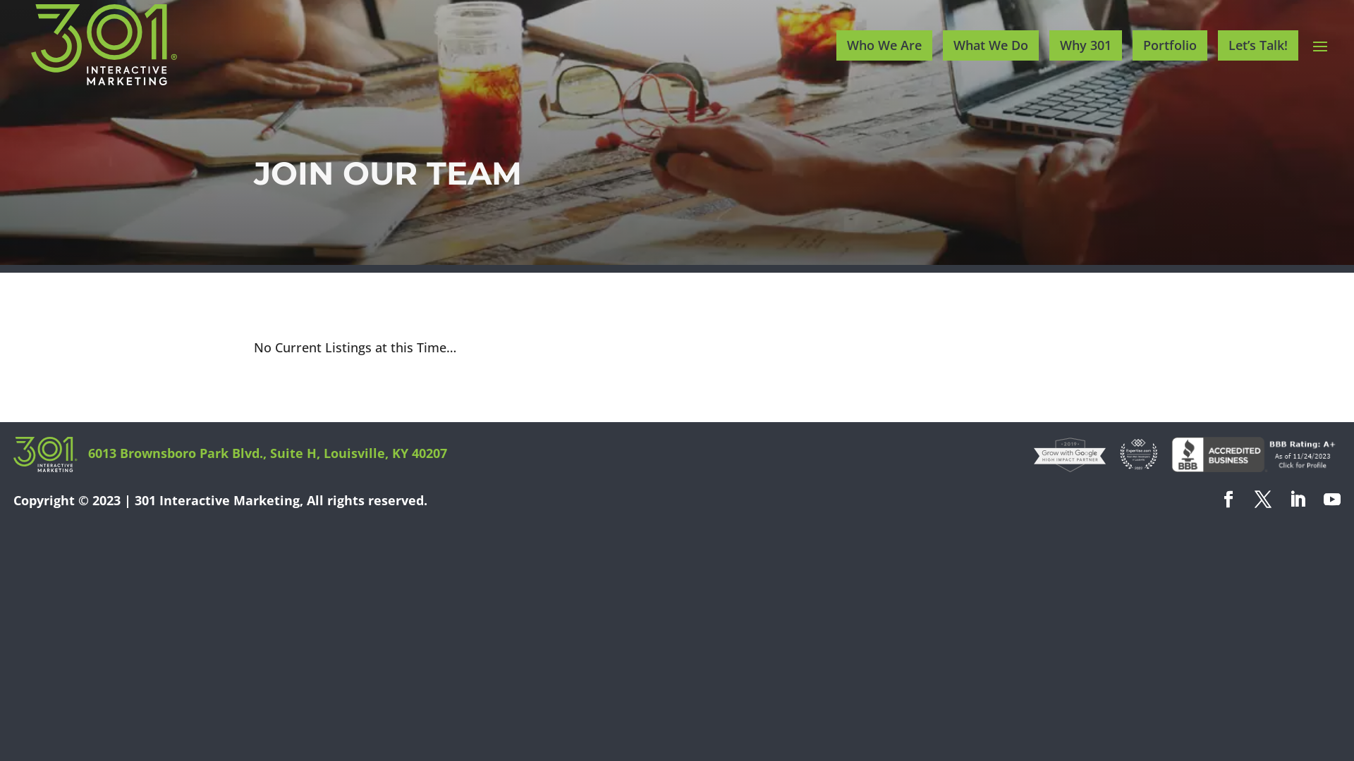  What do you see at coordinates (267, 453) in the screenshot?
I see `'6013 Brownsboro Park Blvd., Suite H, Louisville, KY 40207'` at bounding box center [267, 453].